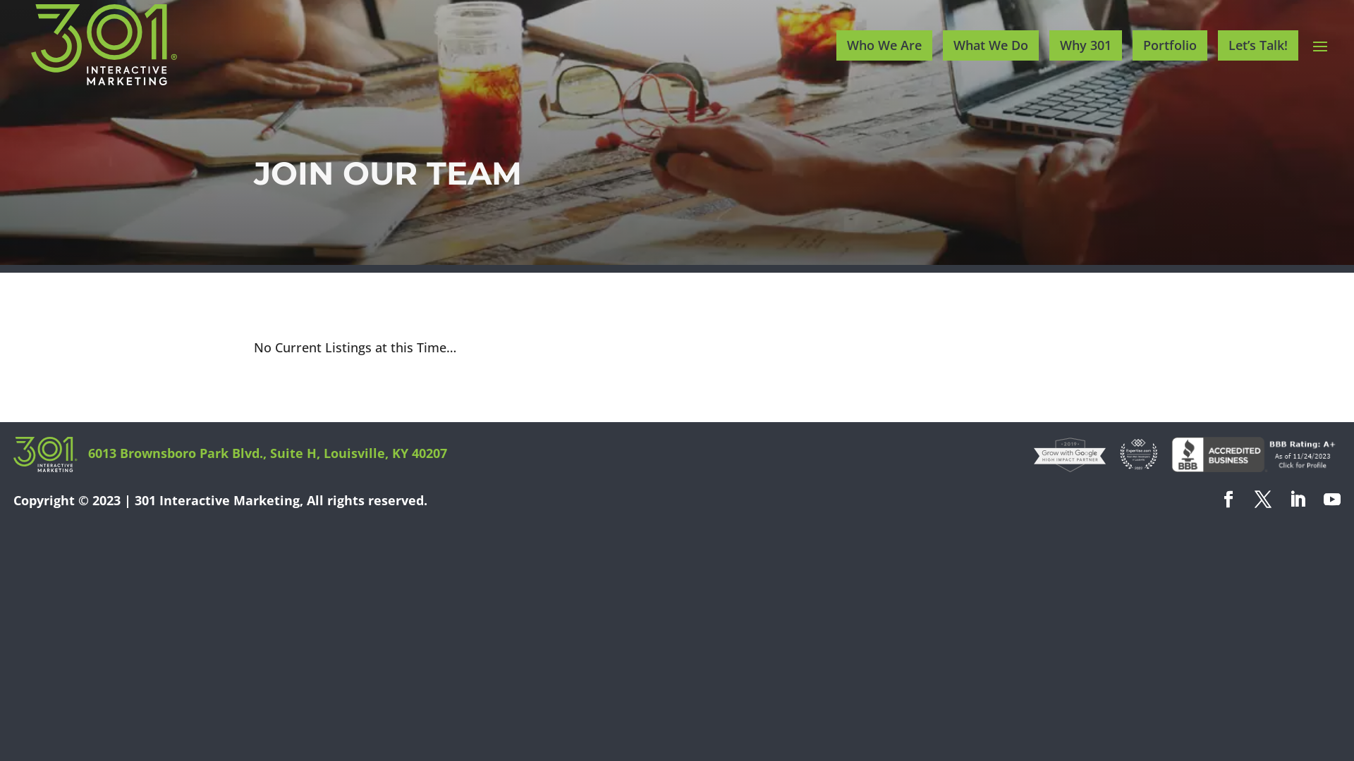  What do you see at coordinates (267, 453) in the screenshot?
I see `'6013 Brownsboro Park Blvd., Suite H, Louisville, KY 40207'` at bounding box center [267, 453].